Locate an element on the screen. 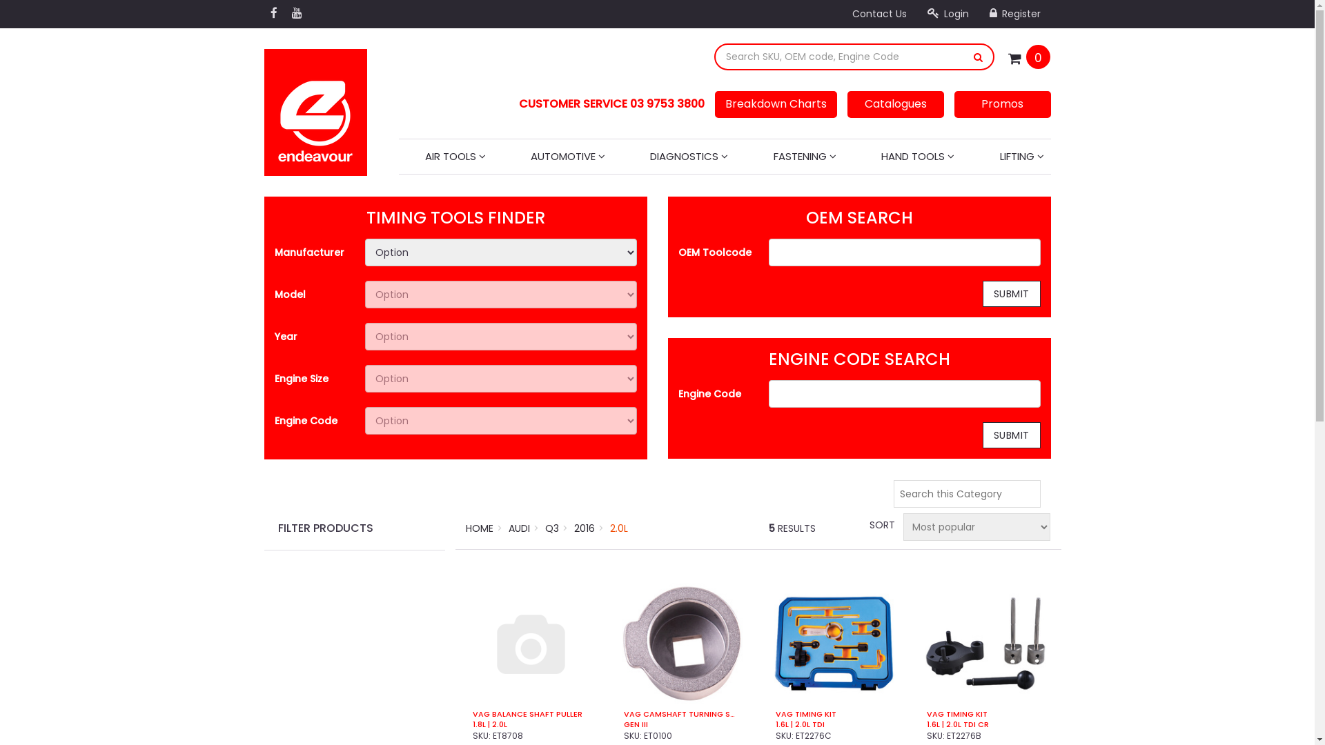 This screenshot has height=745, width=1325. 'Promos' is located at coordinates (1002, 103).